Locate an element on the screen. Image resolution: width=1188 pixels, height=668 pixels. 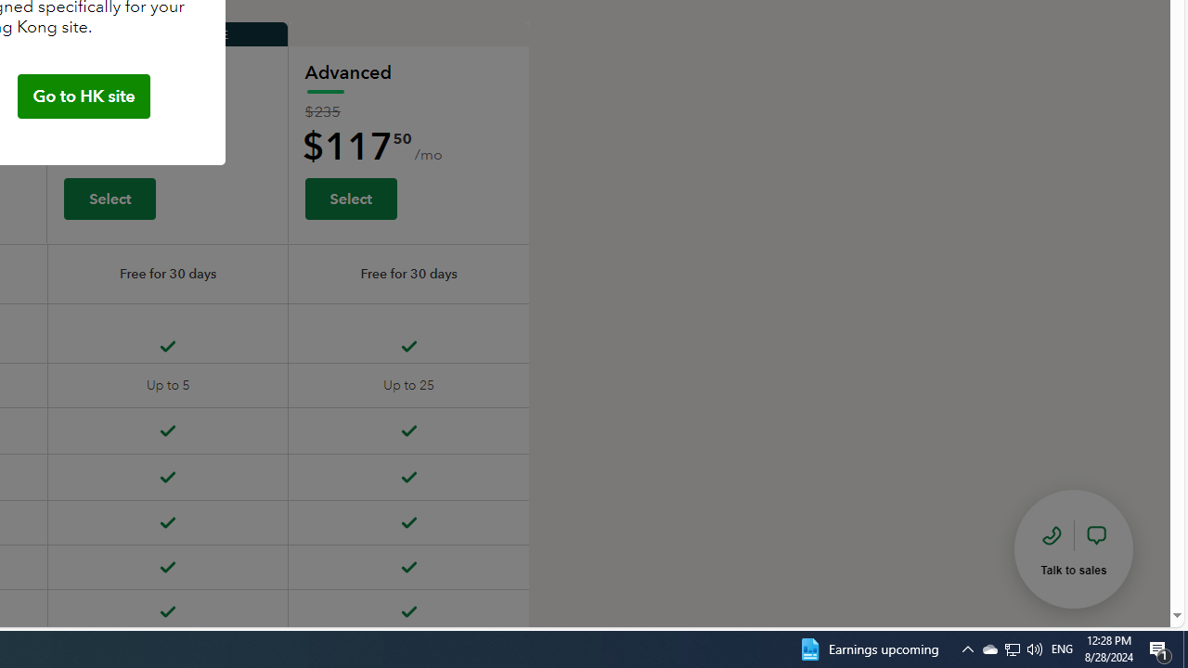
'talk to sales' is located at coordinates (1074, 547).